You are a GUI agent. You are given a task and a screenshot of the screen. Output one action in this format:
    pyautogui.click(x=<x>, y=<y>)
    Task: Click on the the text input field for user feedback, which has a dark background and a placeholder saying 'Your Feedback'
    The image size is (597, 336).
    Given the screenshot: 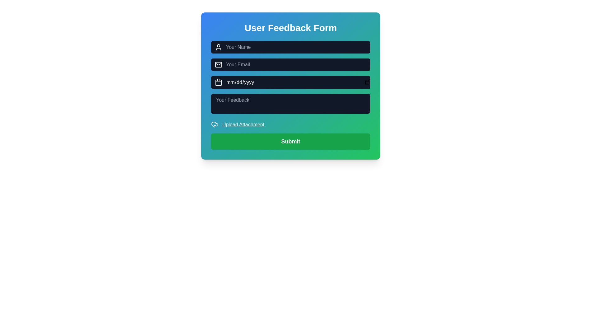 What is the action you would take?
    pyautogui.click(x=290, y=95)
    